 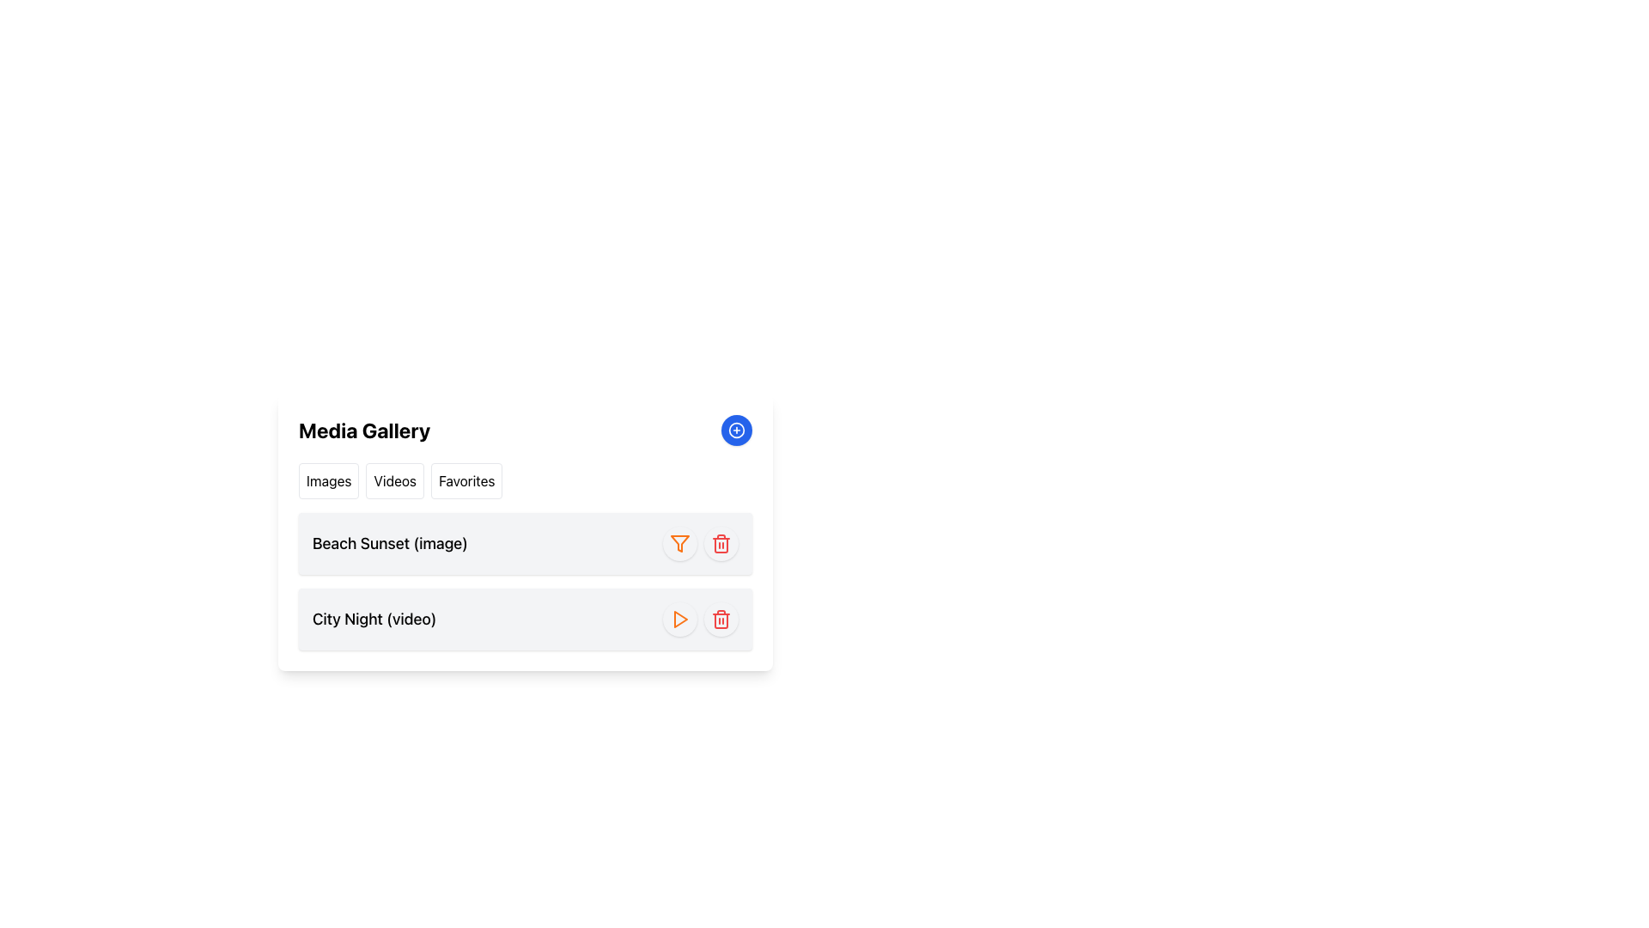 What do you see at coordinates (721, 543) in the screenshot?
I see `the red trash bin icon button, which is the second button to the right in the group` at bounding box center [721, 543].